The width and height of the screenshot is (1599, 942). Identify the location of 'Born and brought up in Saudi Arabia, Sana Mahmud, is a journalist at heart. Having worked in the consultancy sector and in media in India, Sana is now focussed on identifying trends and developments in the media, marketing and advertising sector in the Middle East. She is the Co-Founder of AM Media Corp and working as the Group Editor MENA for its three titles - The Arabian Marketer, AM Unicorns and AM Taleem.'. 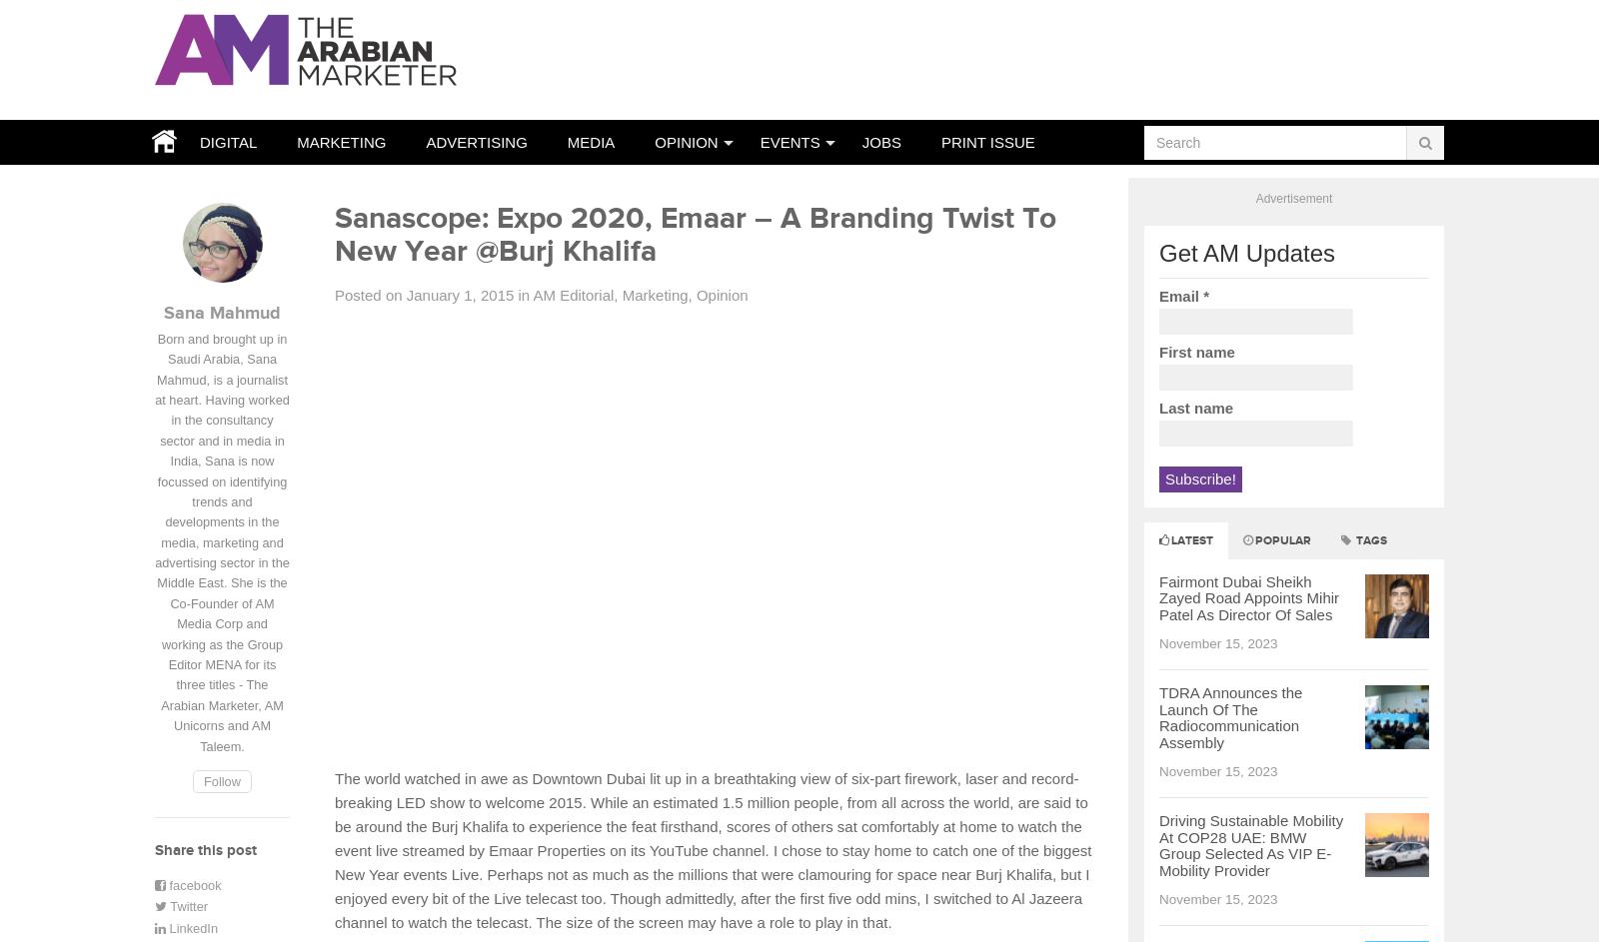
(154, 541).